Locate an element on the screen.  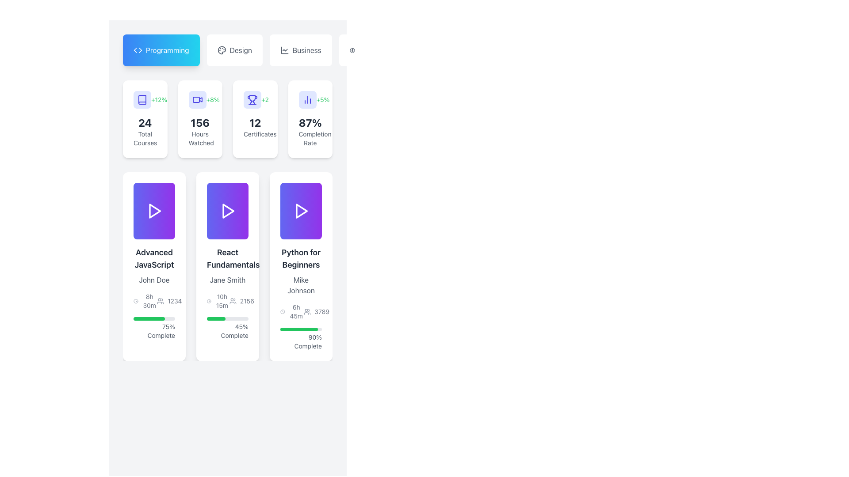
the progress information displayed on the Text Label with Progress Indicator located at the bottom of the 'React Fundamentals' card, beneath the progress bar is located at coordinates (227, 329).